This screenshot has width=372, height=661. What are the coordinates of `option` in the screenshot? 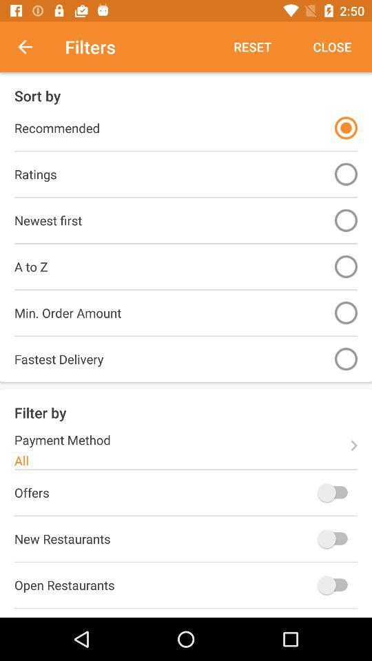 It's located at (345, 358).